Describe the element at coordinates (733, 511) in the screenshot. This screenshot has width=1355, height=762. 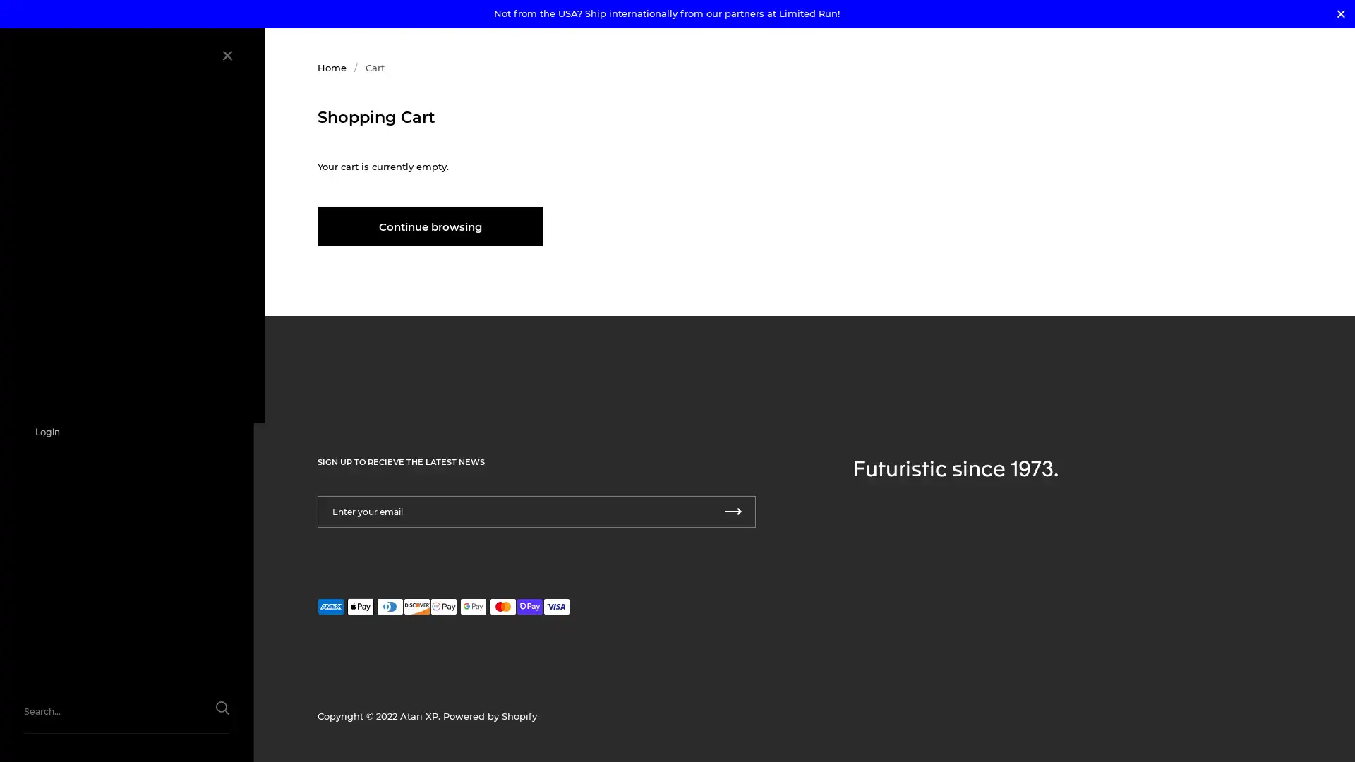
I see `Submit` at that location.